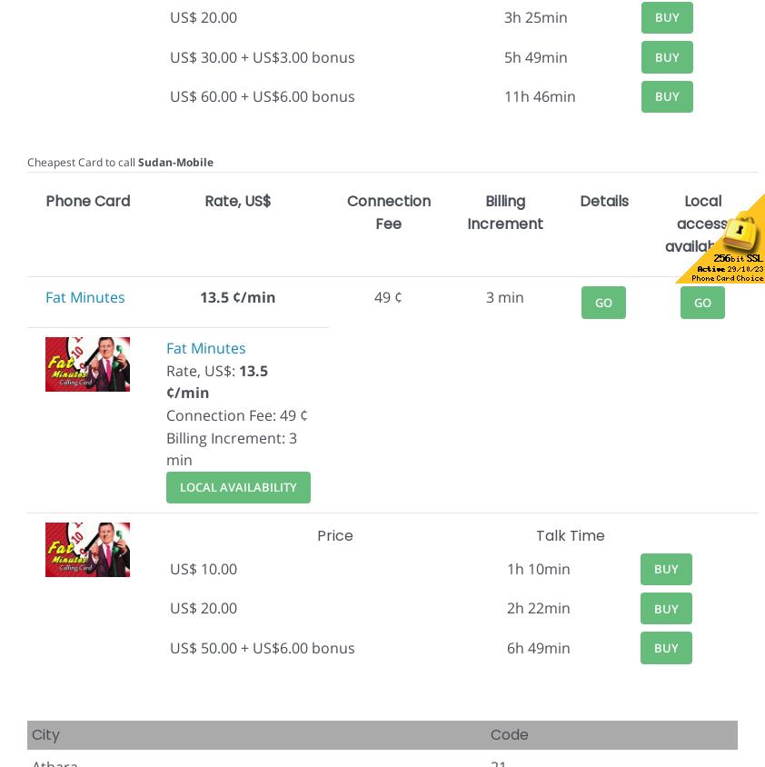 The width and height of the screenshot is (765, 767). What do you see at coordinates (502, 15) in the screenshot?
I see `'3h 25min'` at bounding box center [502, 15].